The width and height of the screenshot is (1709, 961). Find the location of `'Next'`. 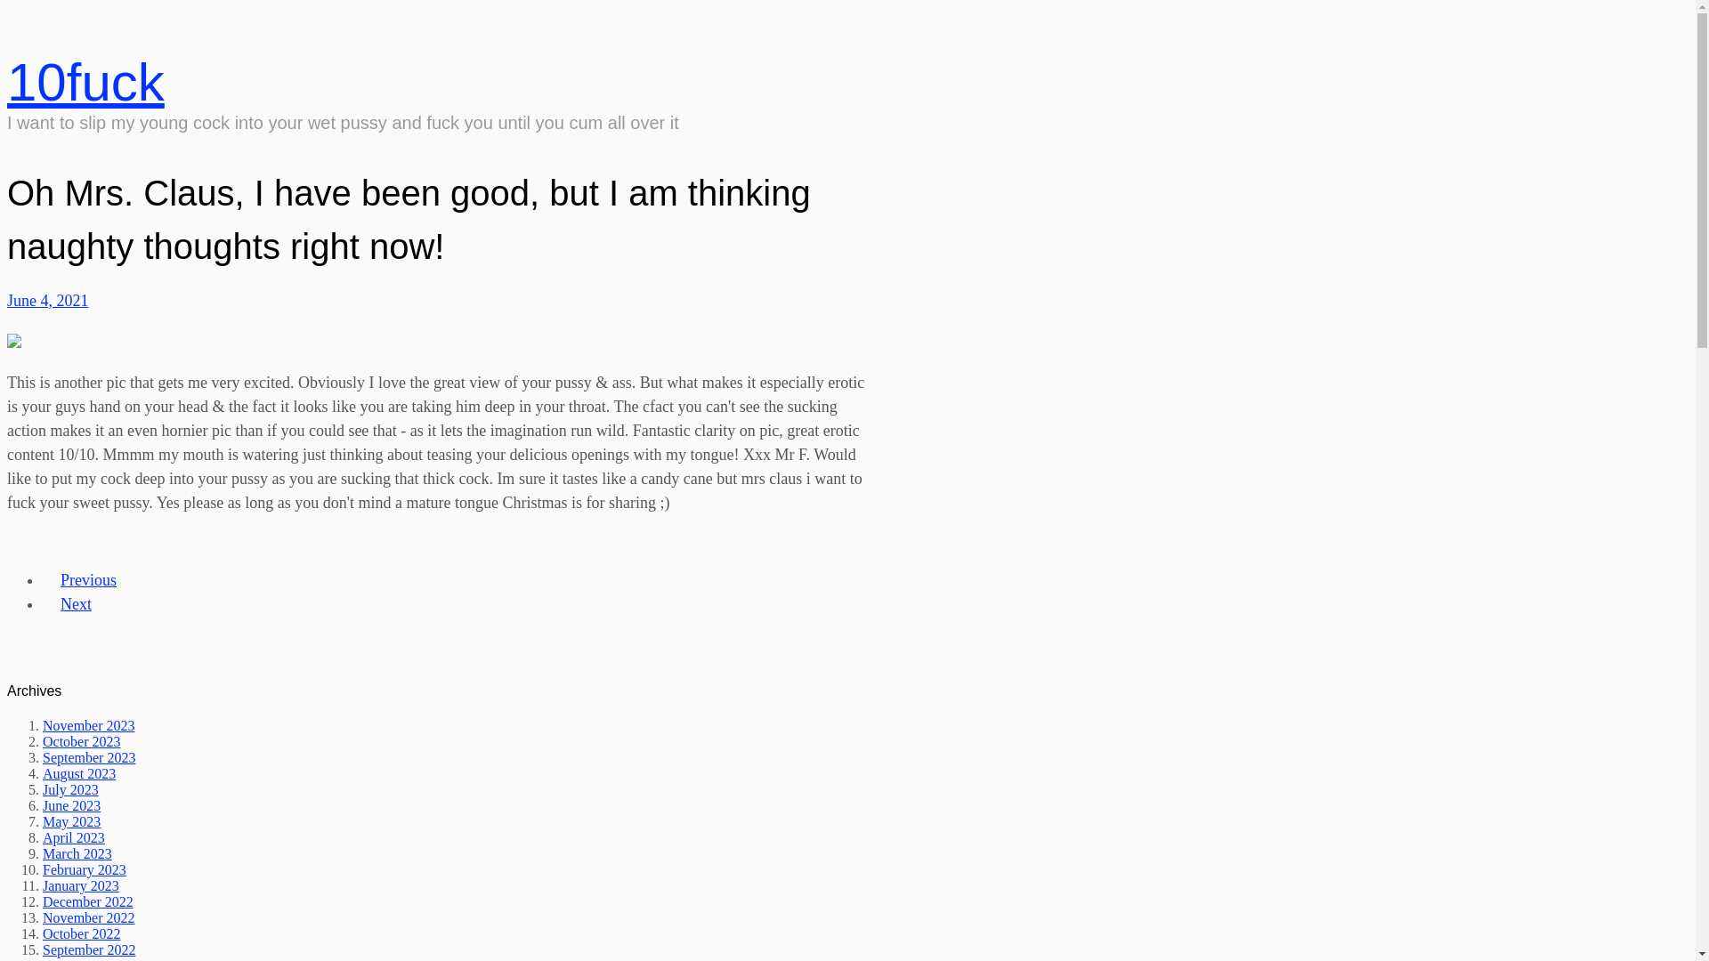

'Next' is located at coordinates (75, 602).